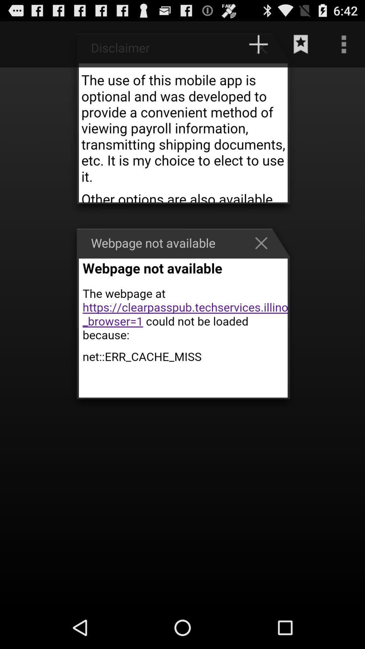 The height and width of the screenshot is (649, 365). What do you see at coordinates (264, 50) in the screenshot?
I see `the add icon` at bounding box center [264, 50].